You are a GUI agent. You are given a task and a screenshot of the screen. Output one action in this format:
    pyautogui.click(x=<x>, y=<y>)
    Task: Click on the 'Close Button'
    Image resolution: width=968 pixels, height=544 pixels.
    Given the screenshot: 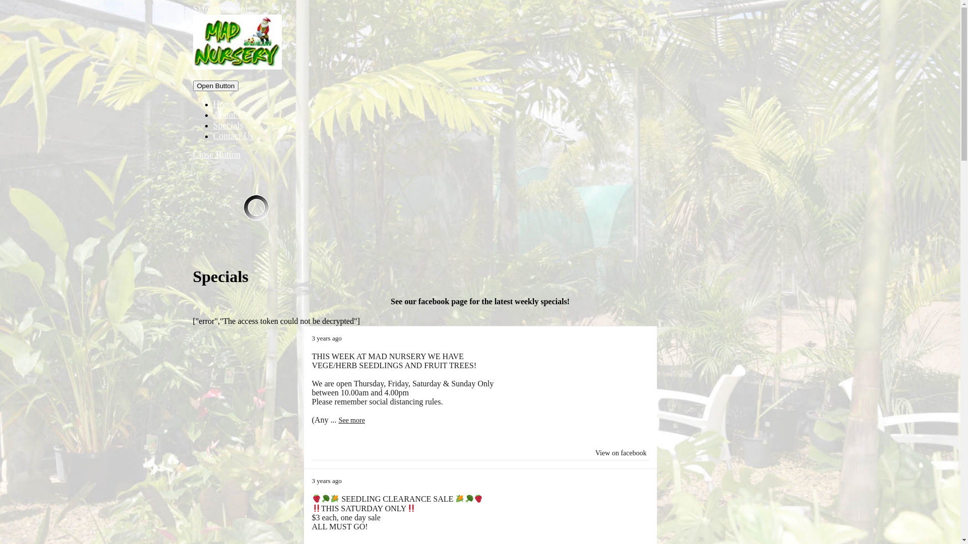 What is the action you would take?
    pyautogui.click(x=216, y=155)
    